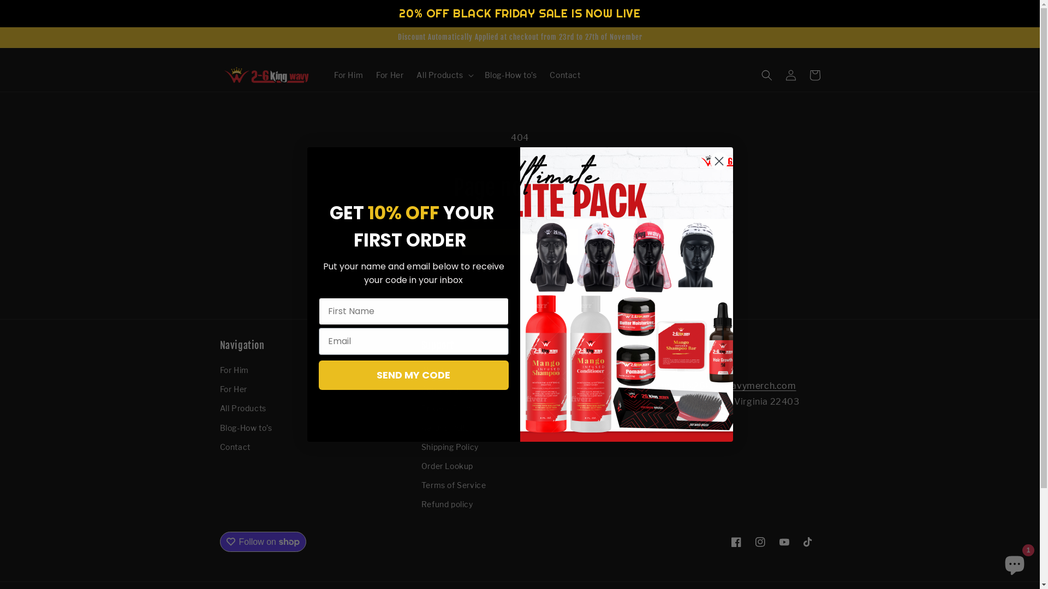 This screenshot has width=1048, height=589. I want to click on 'Email: support@26kingwavymerch.com', so click(709, 385).